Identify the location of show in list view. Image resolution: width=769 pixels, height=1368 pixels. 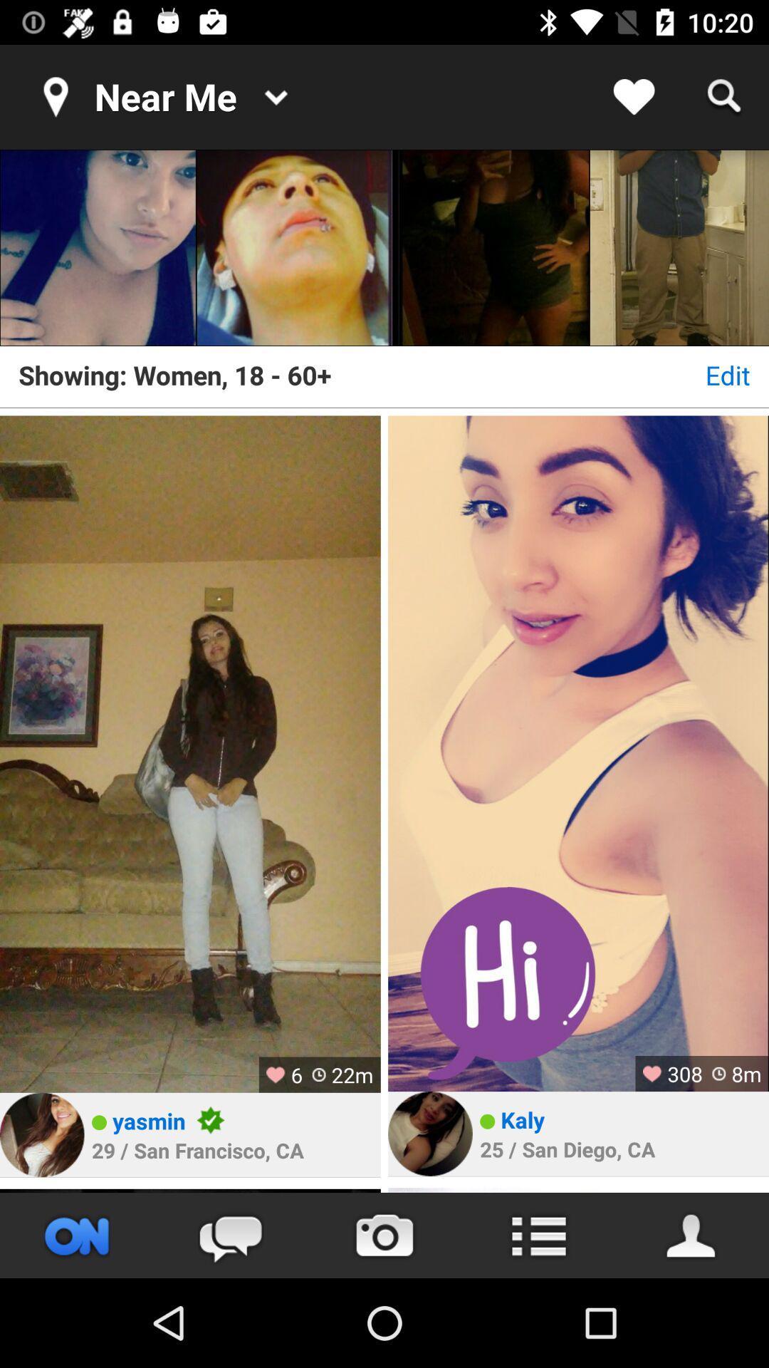
(538, 1235).